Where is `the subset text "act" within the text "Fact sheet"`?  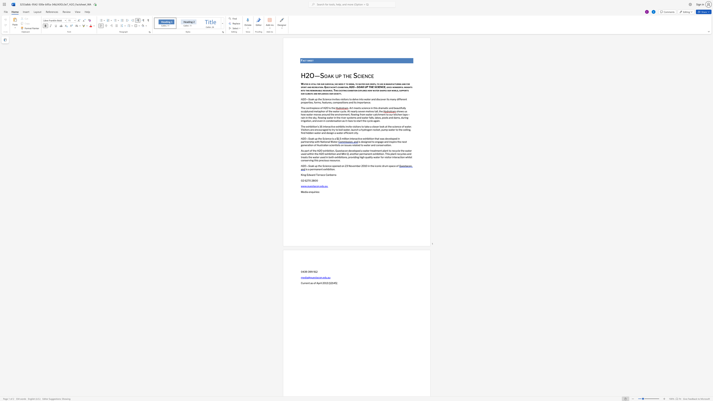
the subset text "act" within the text "Fact sheet" is located at coordinates (302, 60).